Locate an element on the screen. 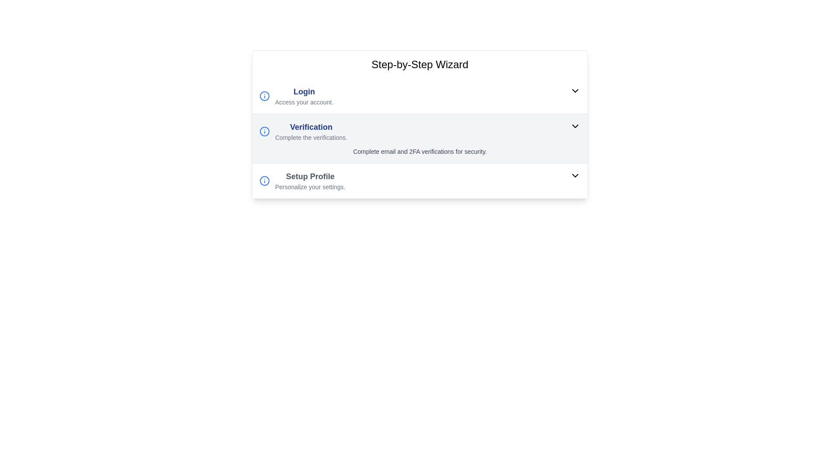 Image resolution: width=840 pixels, height=472 pixels. the 'Setup Profile' informational segment is located at coordinates (420, 180).